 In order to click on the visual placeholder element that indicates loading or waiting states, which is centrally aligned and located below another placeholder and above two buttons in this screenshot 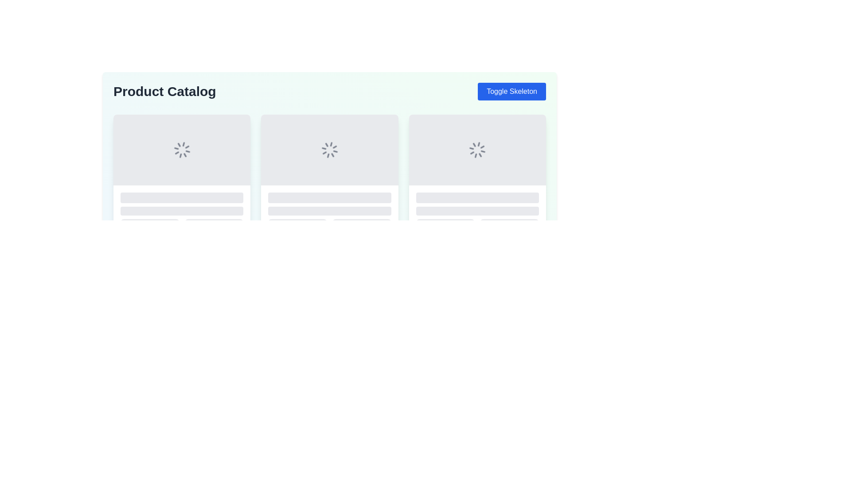, I will do `click(181, 211)`.